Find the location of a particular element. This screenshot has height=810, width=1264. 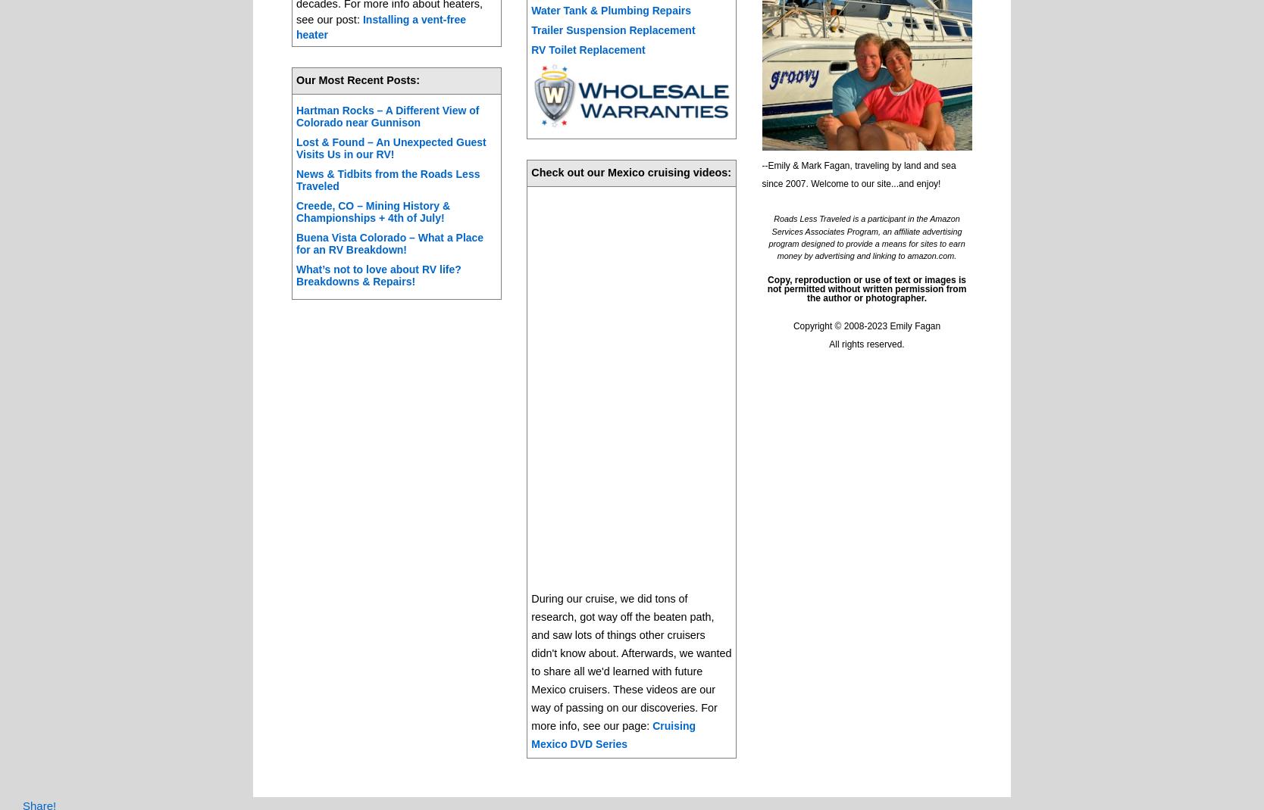

'Water Tank & Plumbing Repairs' is located at coordinates (610, 8).